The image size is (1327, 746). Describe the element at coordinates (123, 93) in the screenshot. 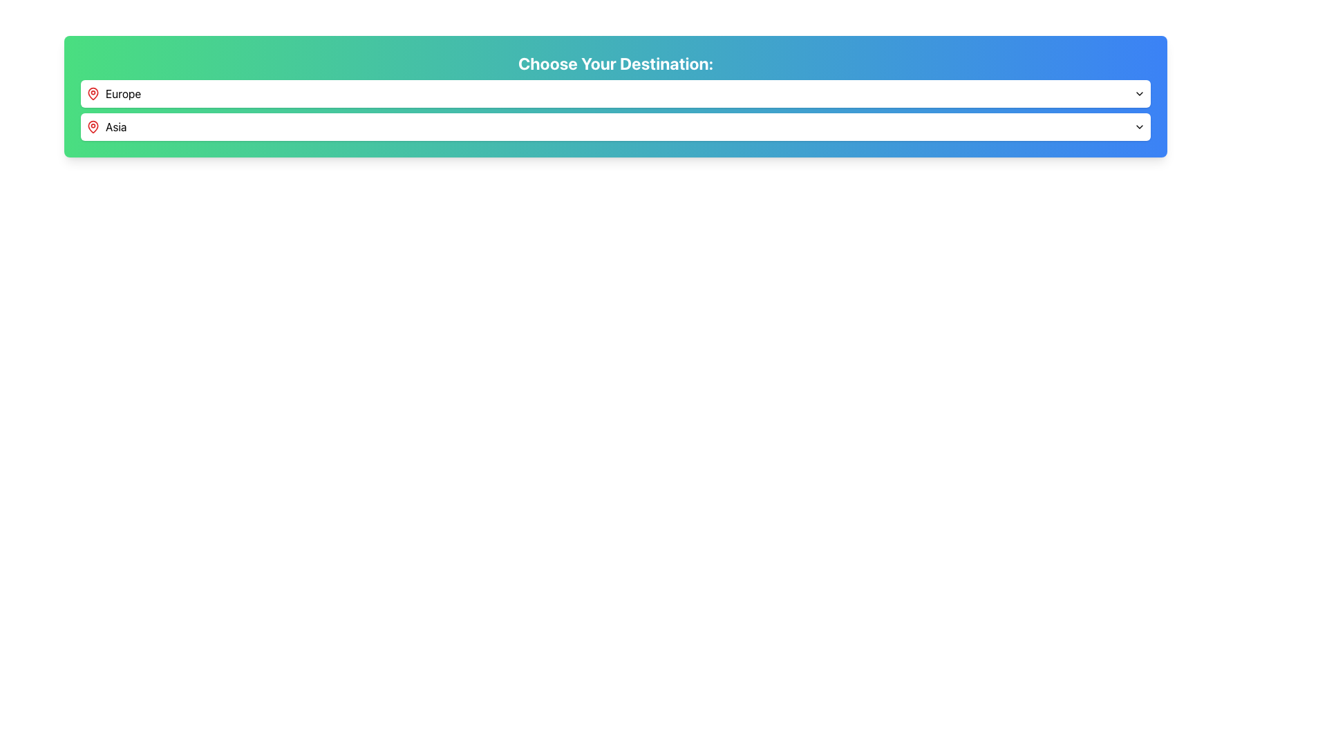

I see `the text label displaying 'Europe'` at that location.